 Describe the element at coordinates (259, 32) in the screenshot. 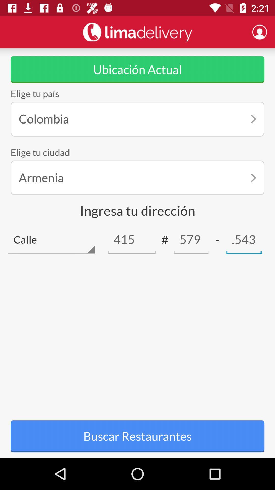

I see `your profile` at that location.